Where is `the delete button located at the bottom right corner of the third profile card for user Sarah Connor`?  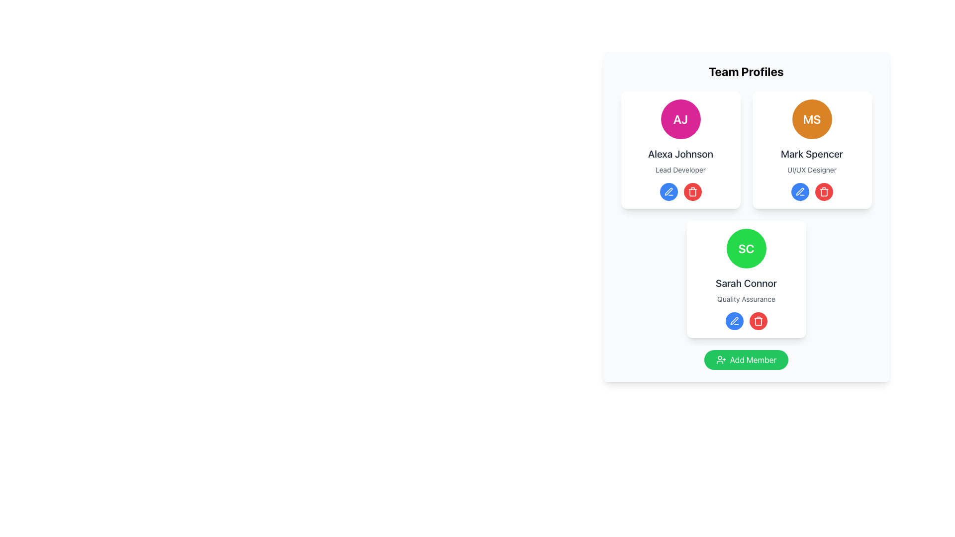 the delete button located at the bottom right corner of the third profile card for user Sarah Connor is located at coordinates (758, 321).